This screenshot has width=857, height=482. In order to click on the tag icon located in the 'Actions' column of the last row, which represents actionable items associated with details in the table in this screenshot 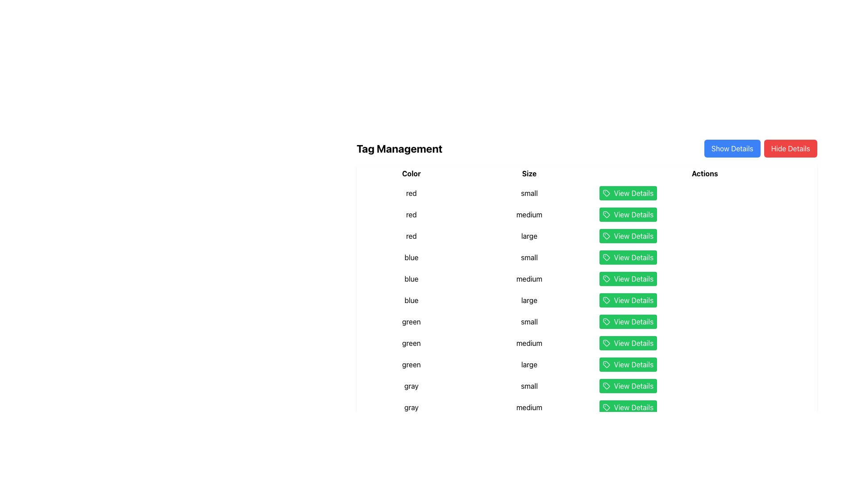, I will do `click(606, 407)`.